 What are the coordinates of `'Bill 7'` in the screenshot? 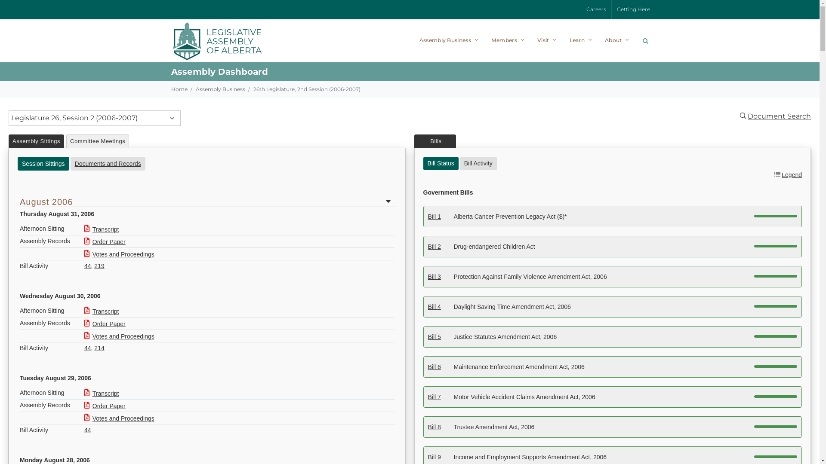 It's located at (434, 397).